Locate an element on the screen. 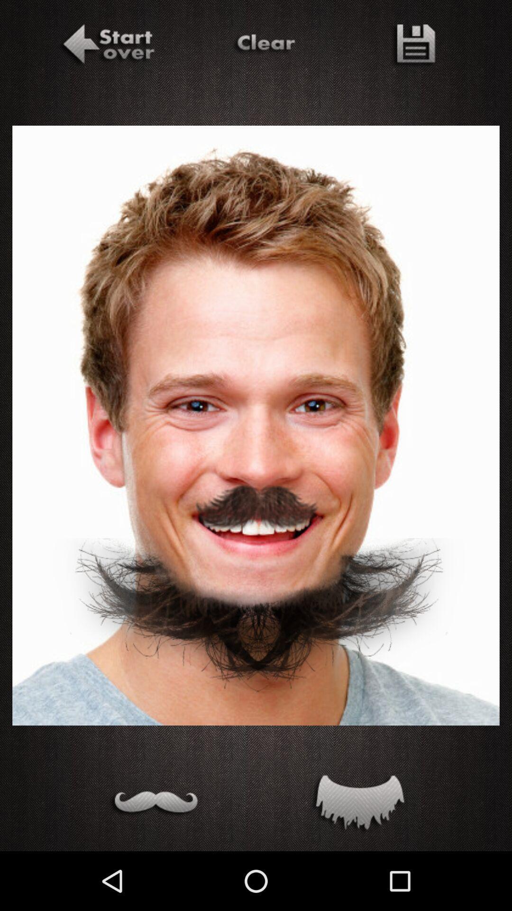 The height and width of the screenshot is (911, 512). the arrow_backward icon is located at coordinates (107, 46).